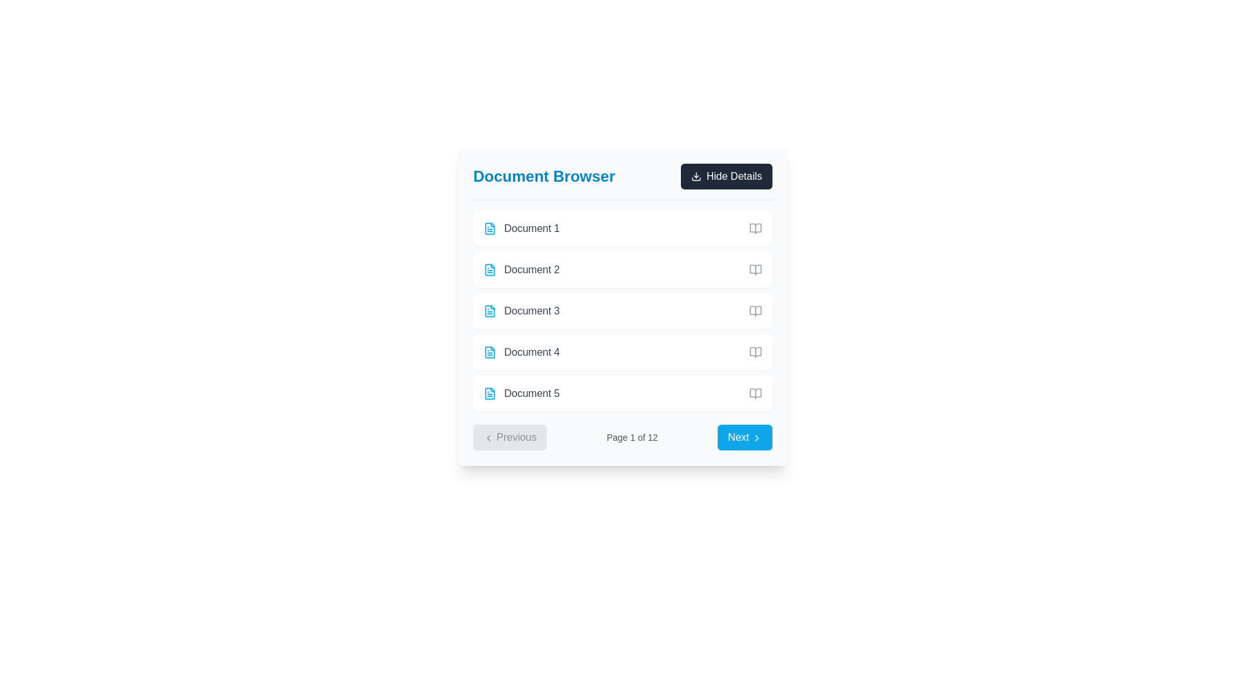  Describe the element at coordinates (489, 269) in the screenshot. I see `the icon representing the document associated with 'Document 2', which is positioned to the left of the 'Document 2' text in the second row of the Document Browser list` at that location.